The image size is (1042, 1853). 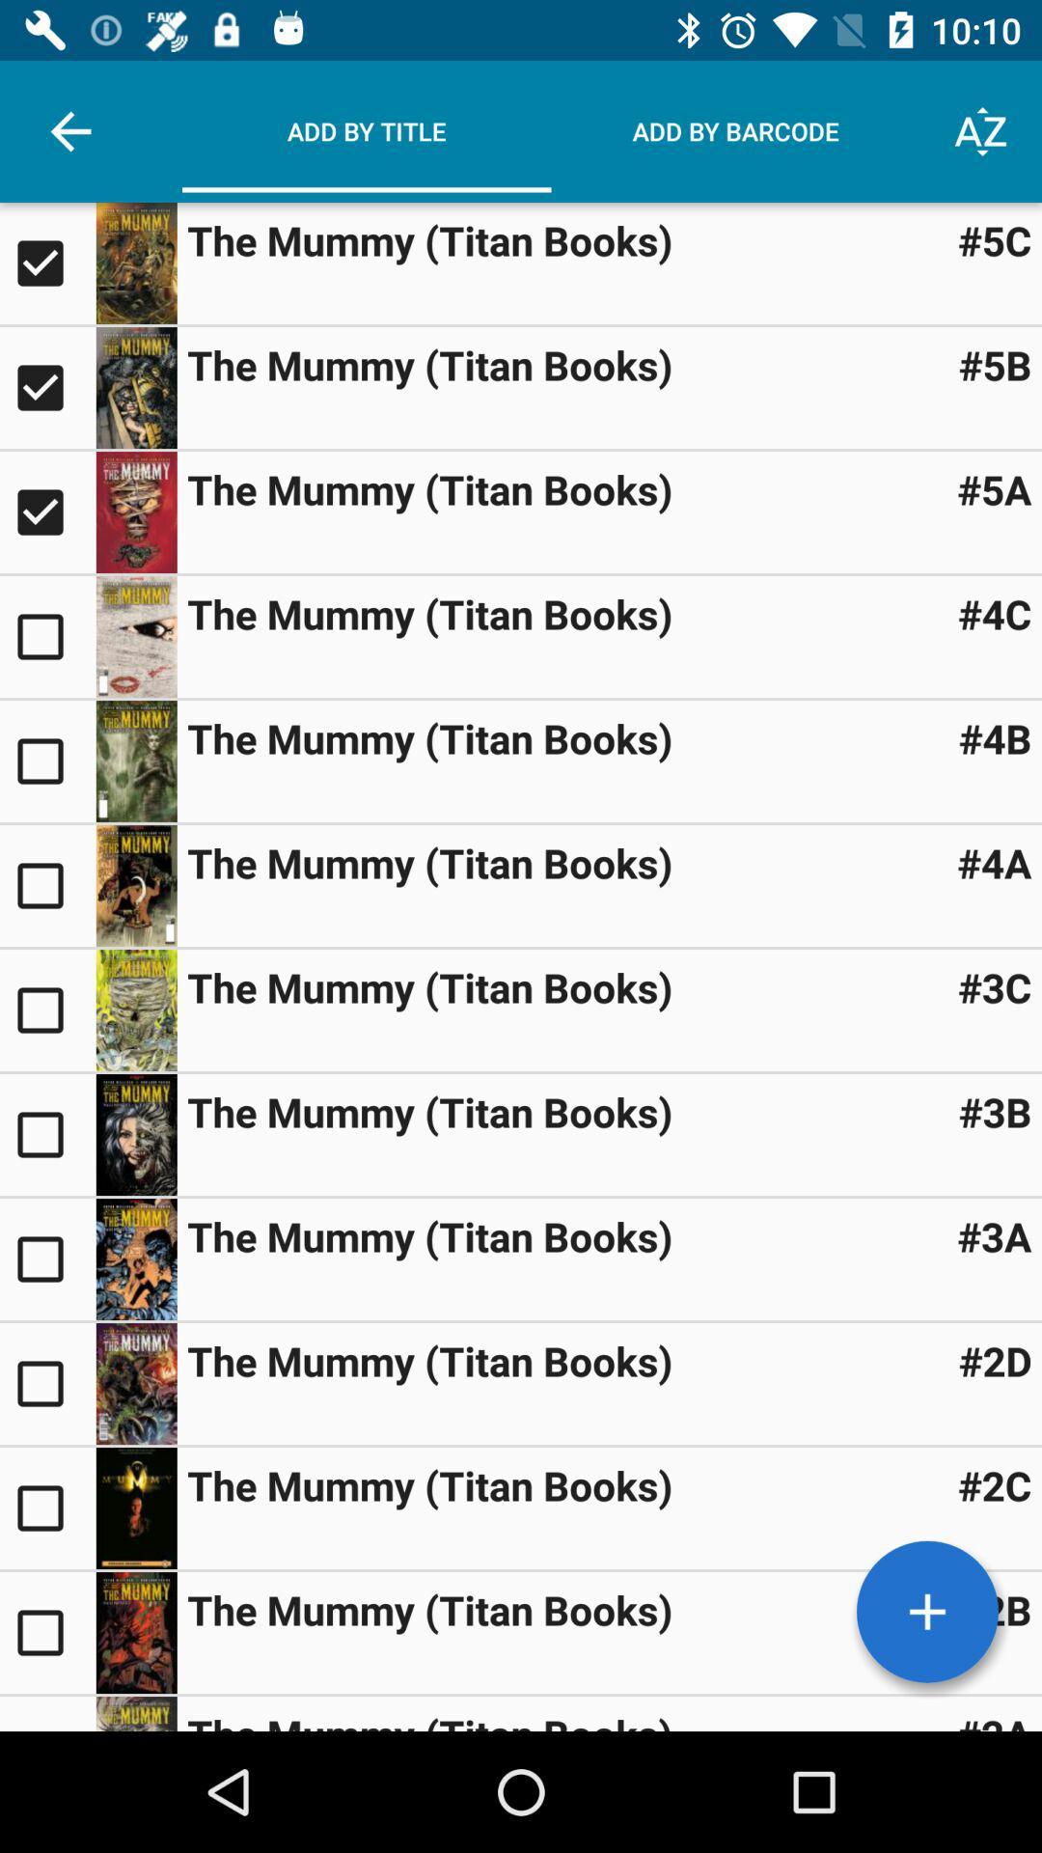 I want to click on look at the cover, so click(x=135, y=1135).